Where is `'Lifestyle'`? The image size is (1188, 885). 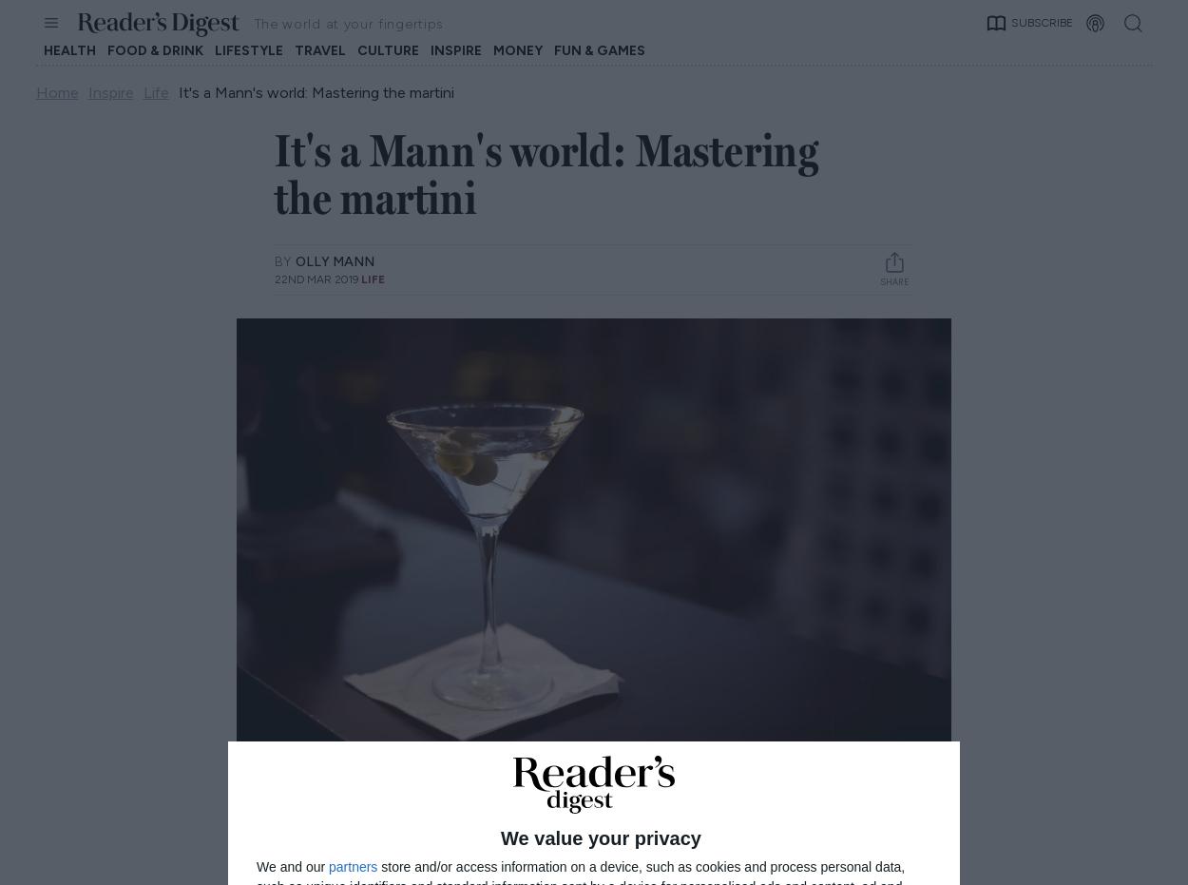 'Lifestyle' is located at coordinates (248, 49).